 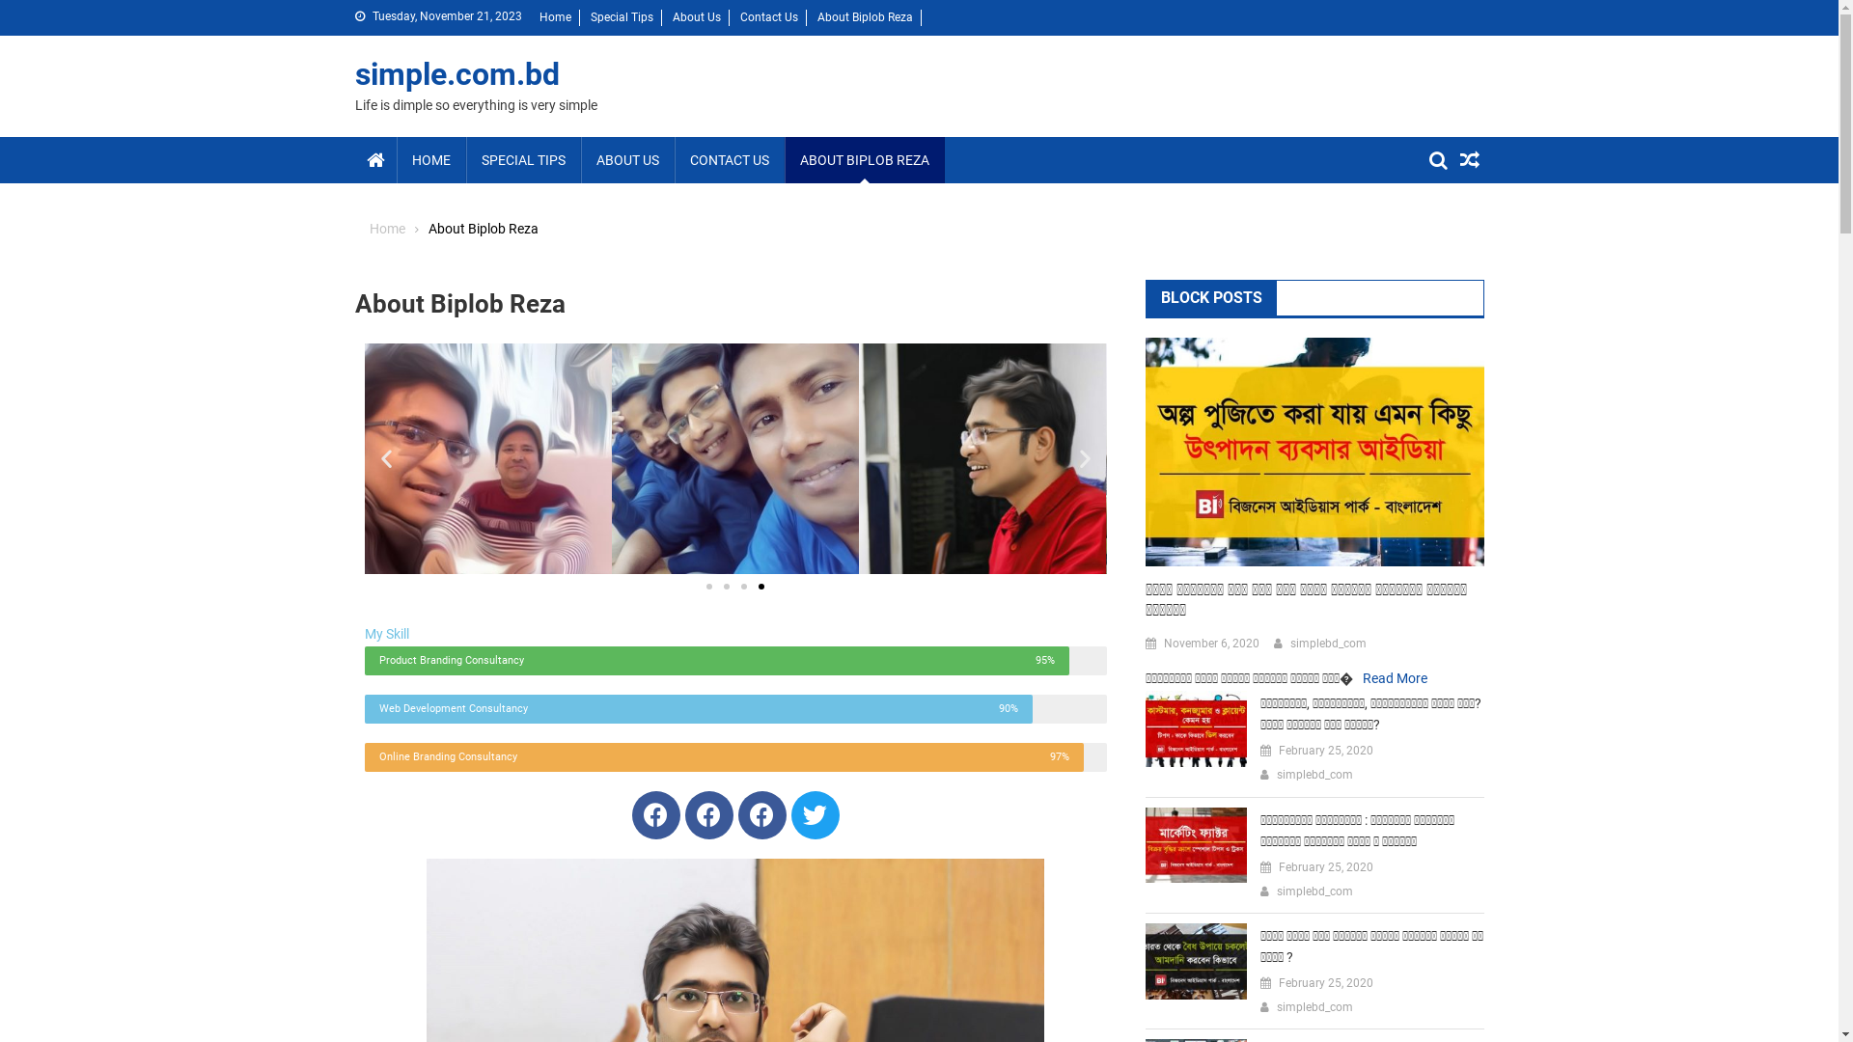 I want to click on 'Special Tips', so click(x=589, y=17).